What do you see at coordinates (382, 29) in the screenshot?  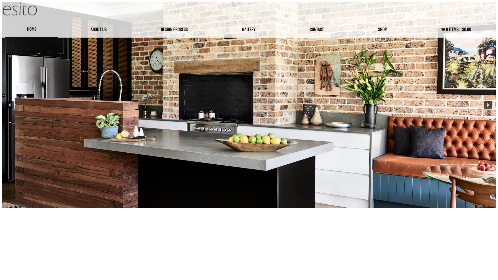 I see `'SHOP'` at bounding box center [382, 29].